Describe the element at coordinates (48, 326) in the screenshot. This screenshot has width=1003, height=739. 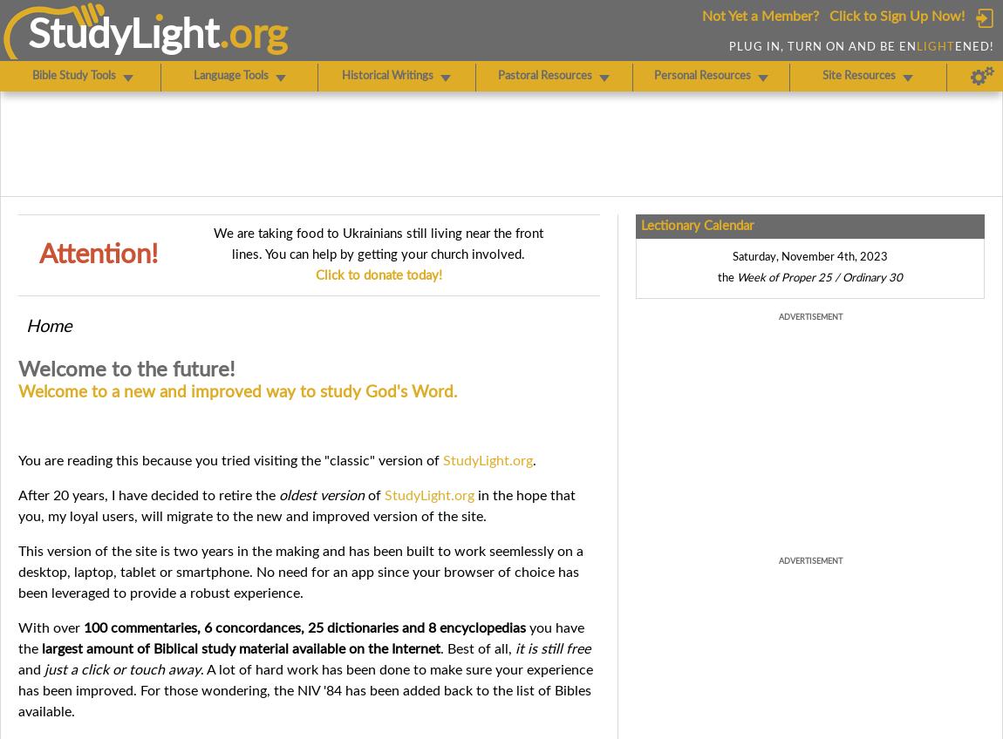
I see `'Home'` at that location.